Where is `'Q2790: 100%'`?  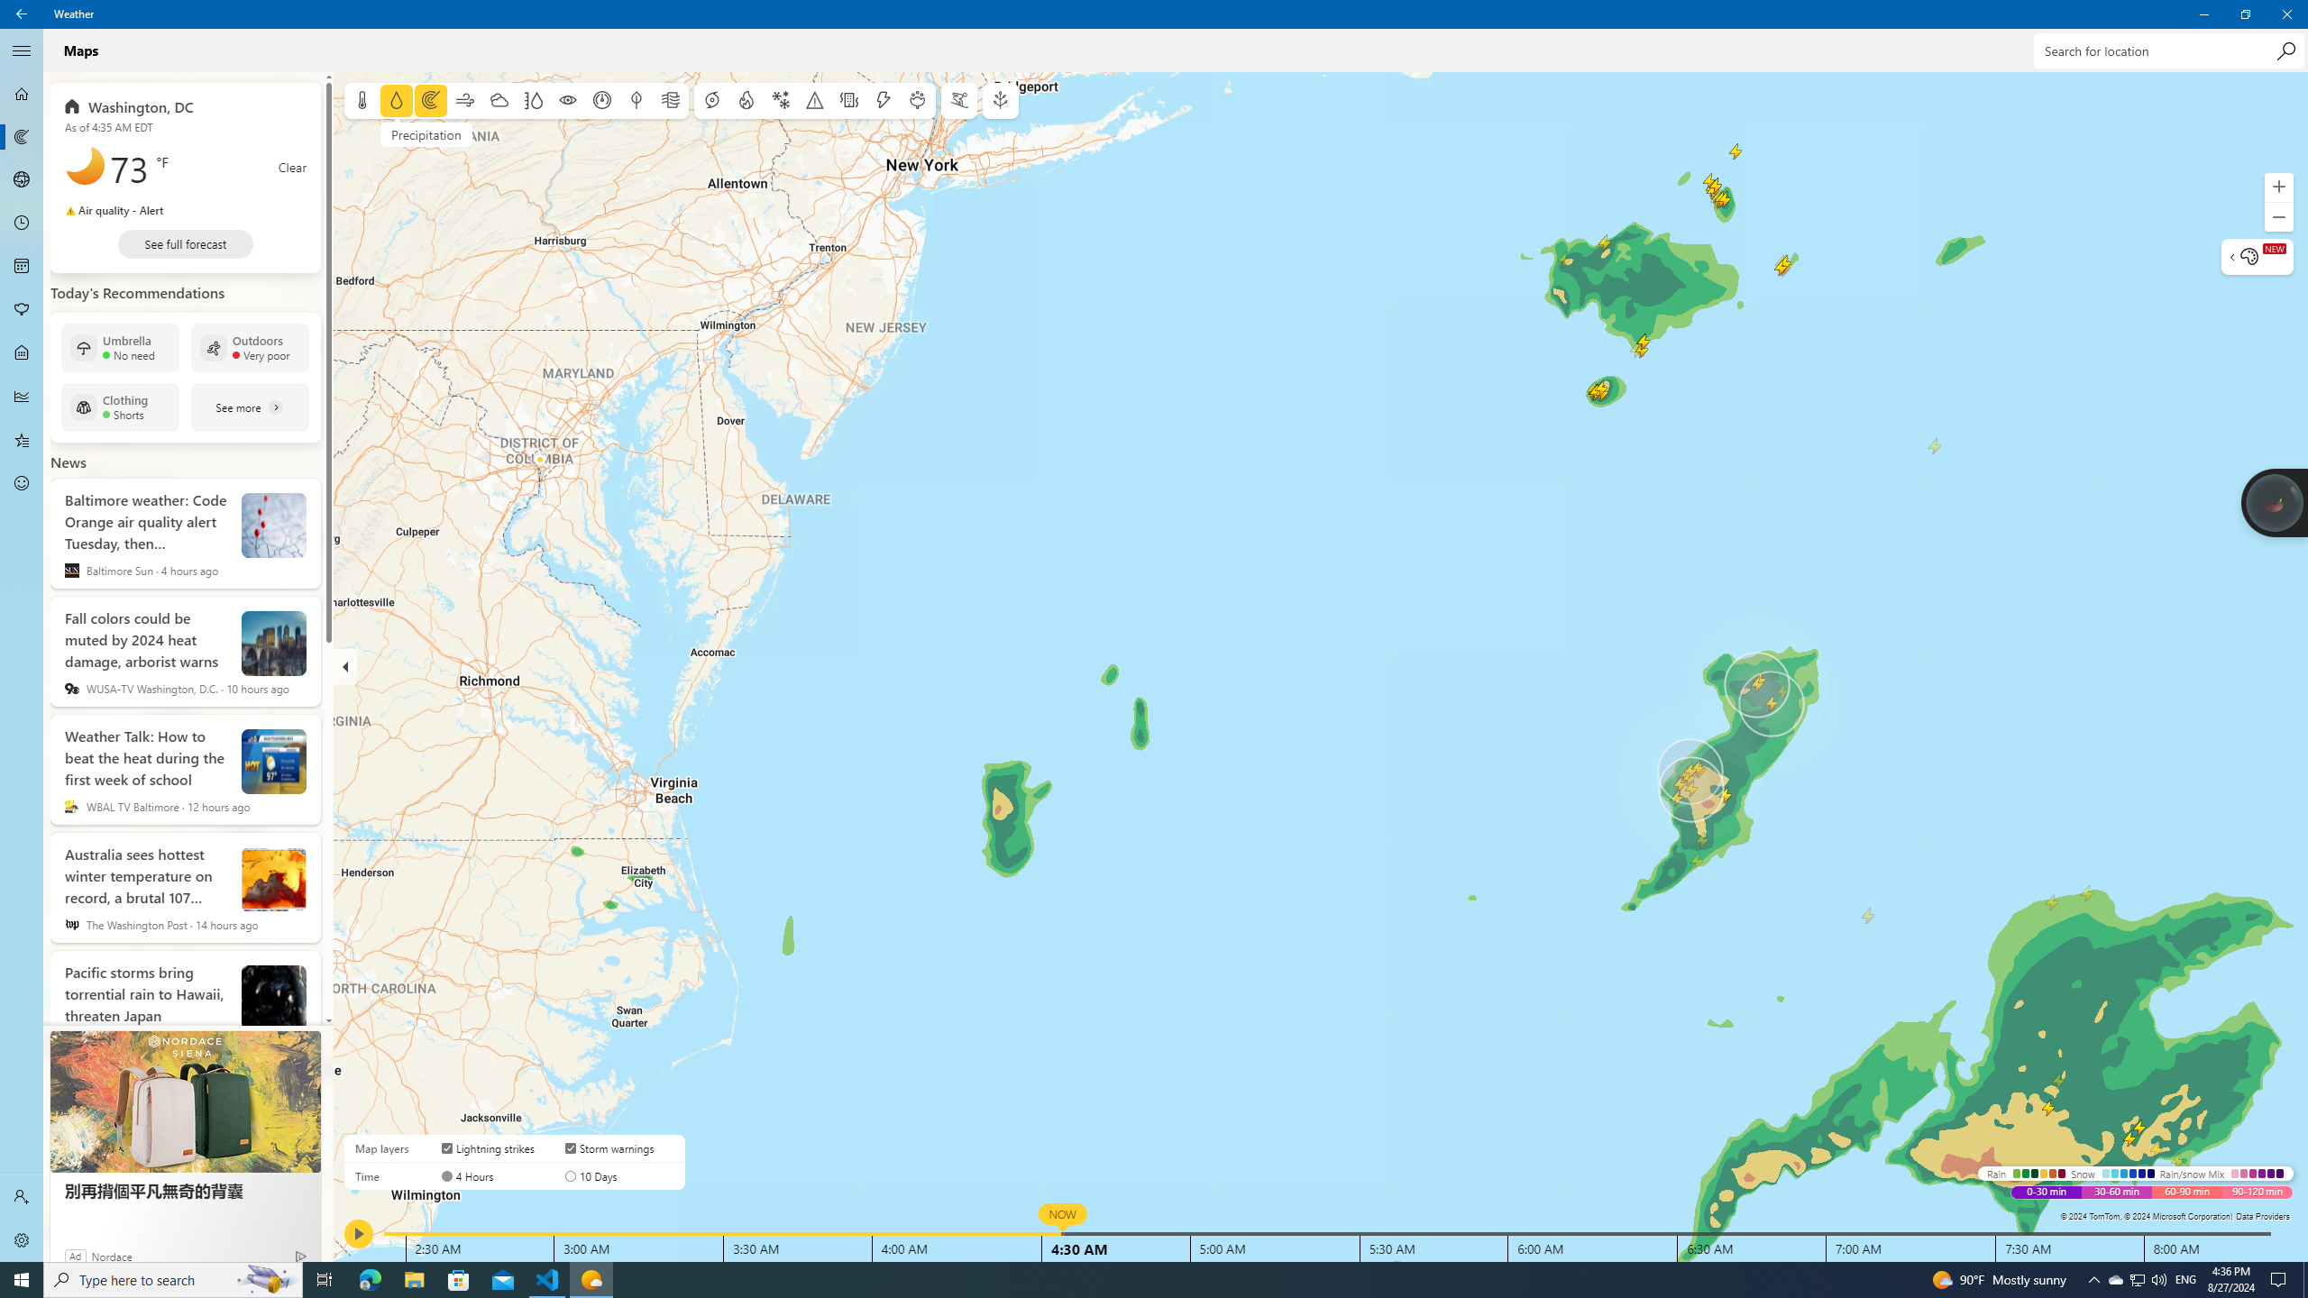 'Q2790: 100%' is located at coordinates (2157, 1278).